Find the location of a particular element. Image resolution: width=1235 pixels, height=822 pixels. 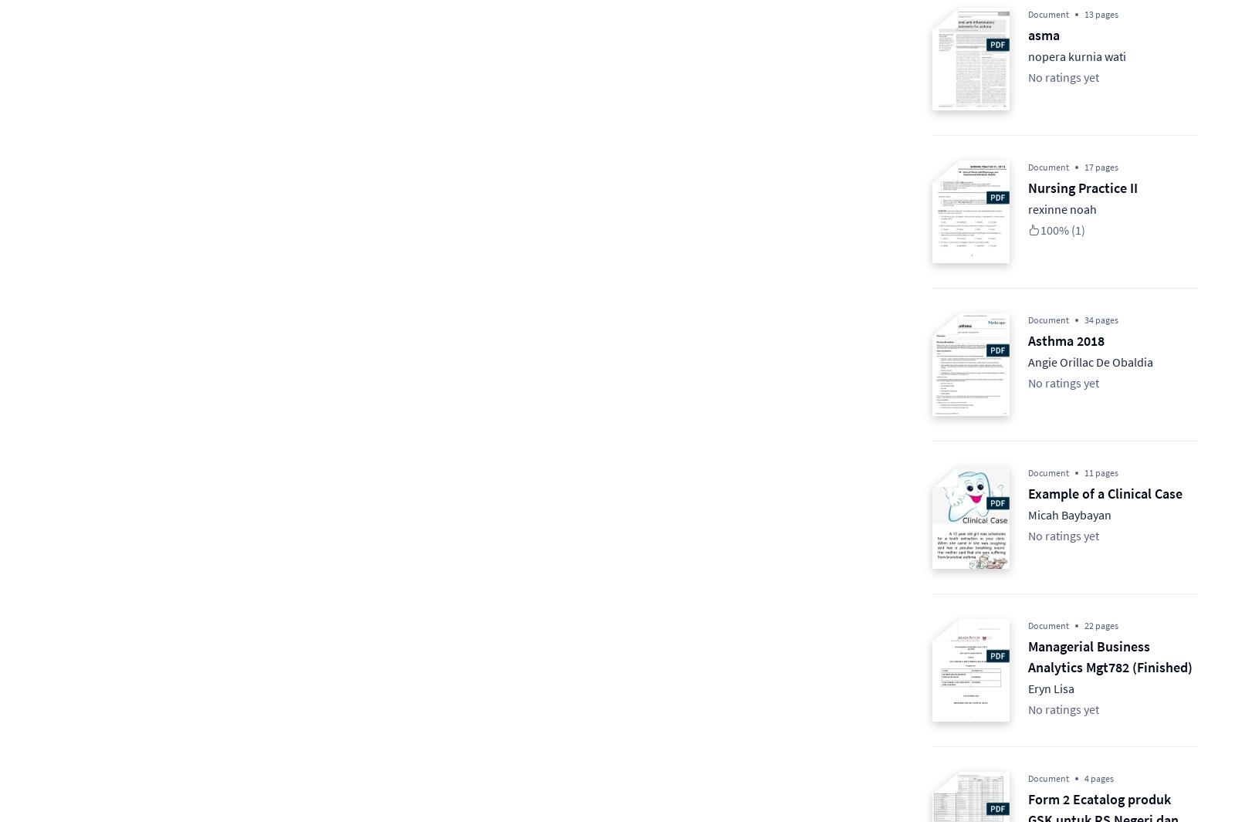

'Managerial Business Analytics Mgt782 (Finished)' is located at coordinates (1110, 657).